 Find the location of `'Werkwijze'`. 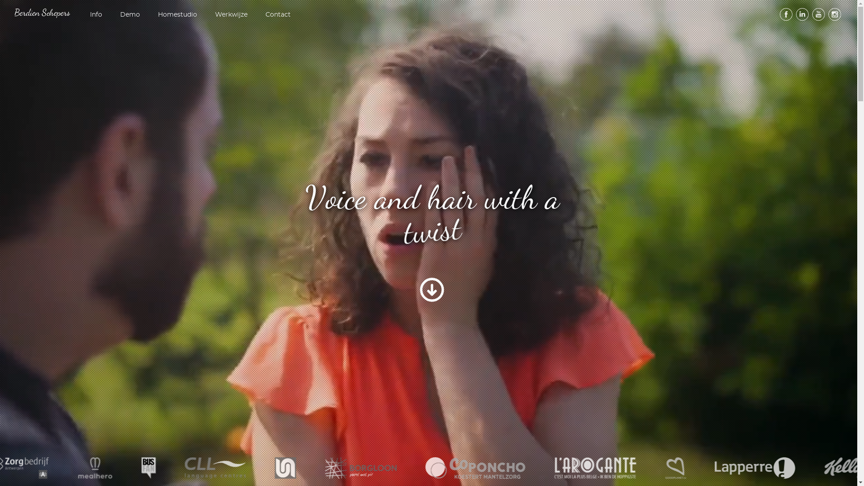

'Werkwijze' is located at coordinates (231, 14).